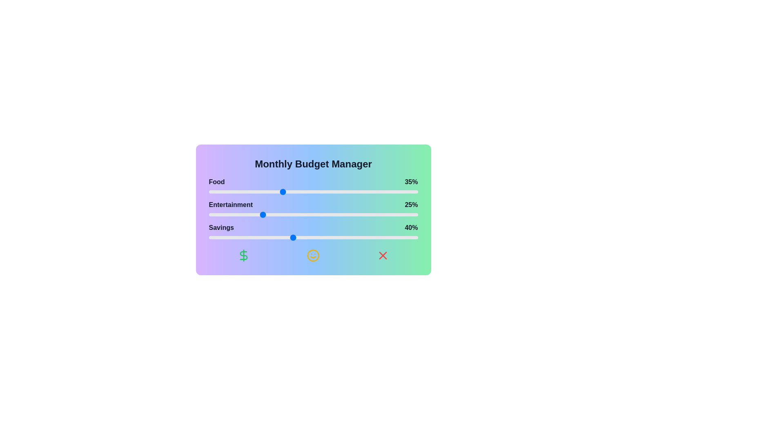 The width and height of the screenshot is (784, 441). Describe the element at coordinates (243, 255) in the screenshot. I see `the green dollar sign icon` at that location.